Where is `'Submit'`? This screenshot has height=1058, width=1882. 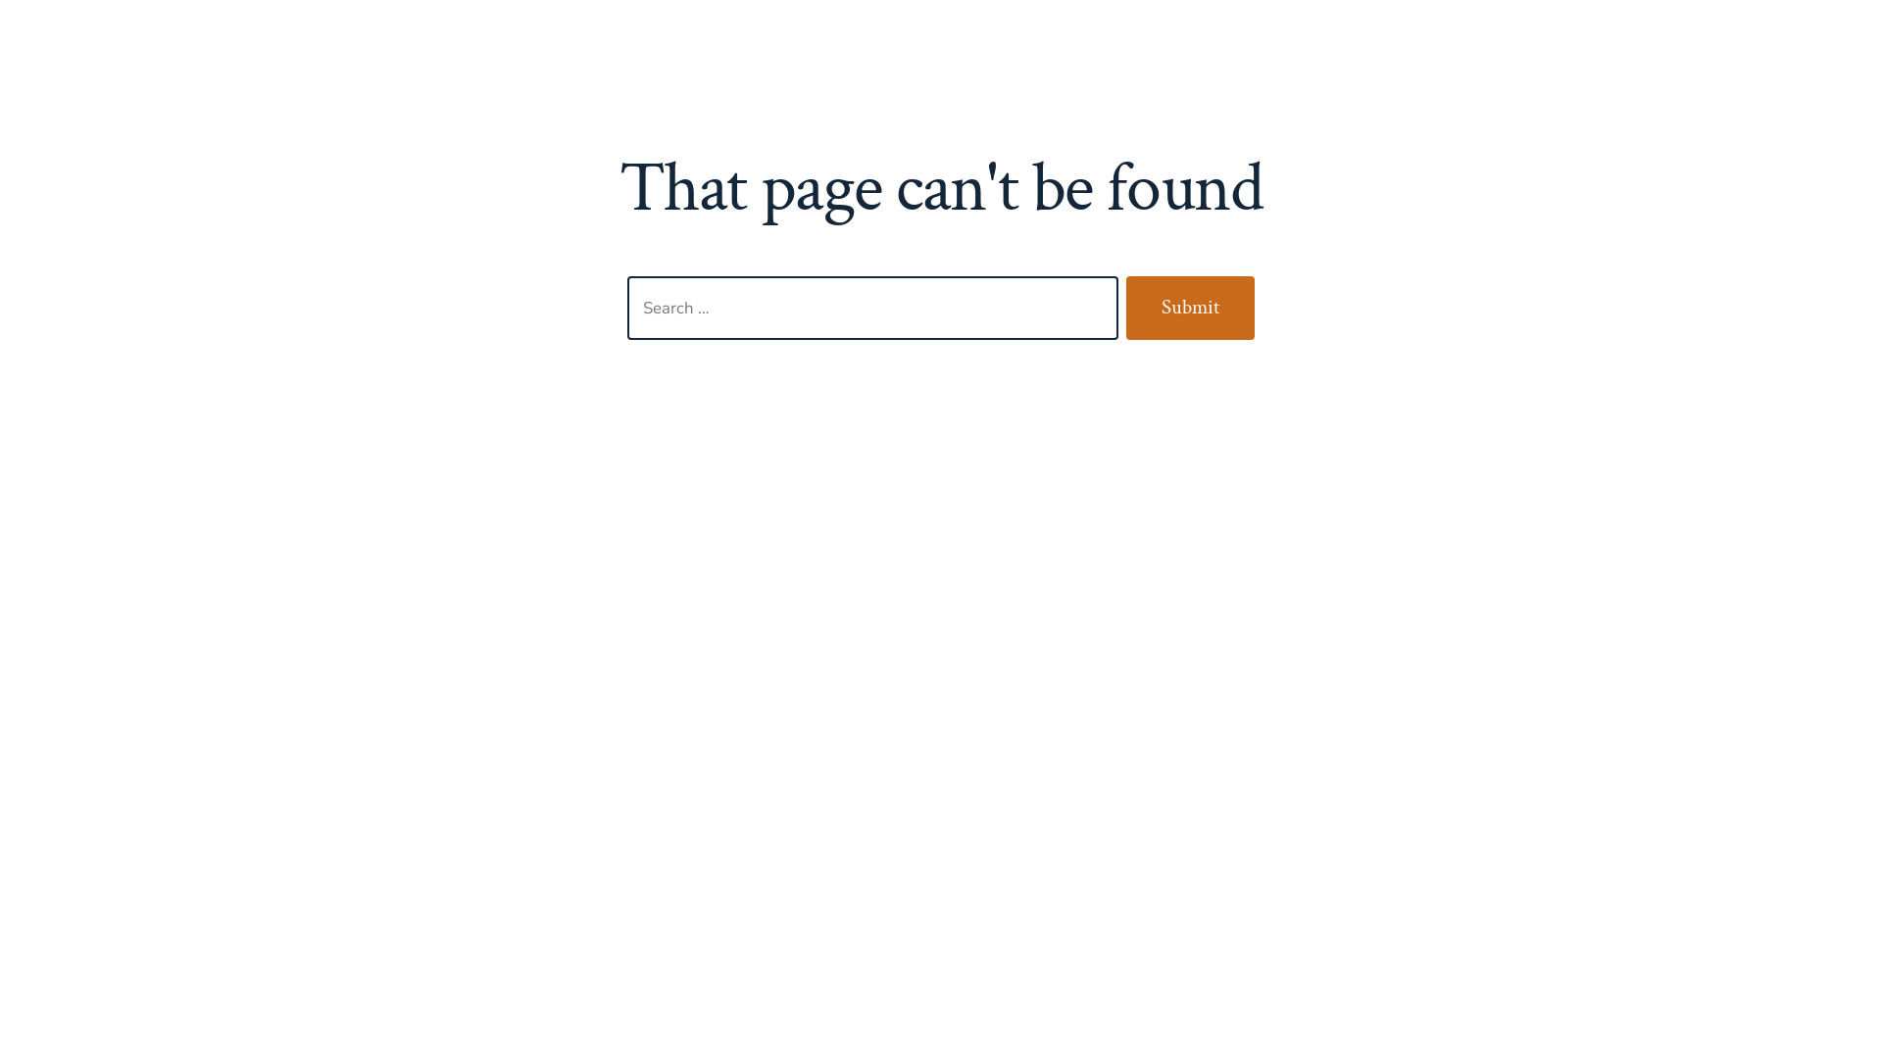 'Submit' is located at coordinates (1125, 309).